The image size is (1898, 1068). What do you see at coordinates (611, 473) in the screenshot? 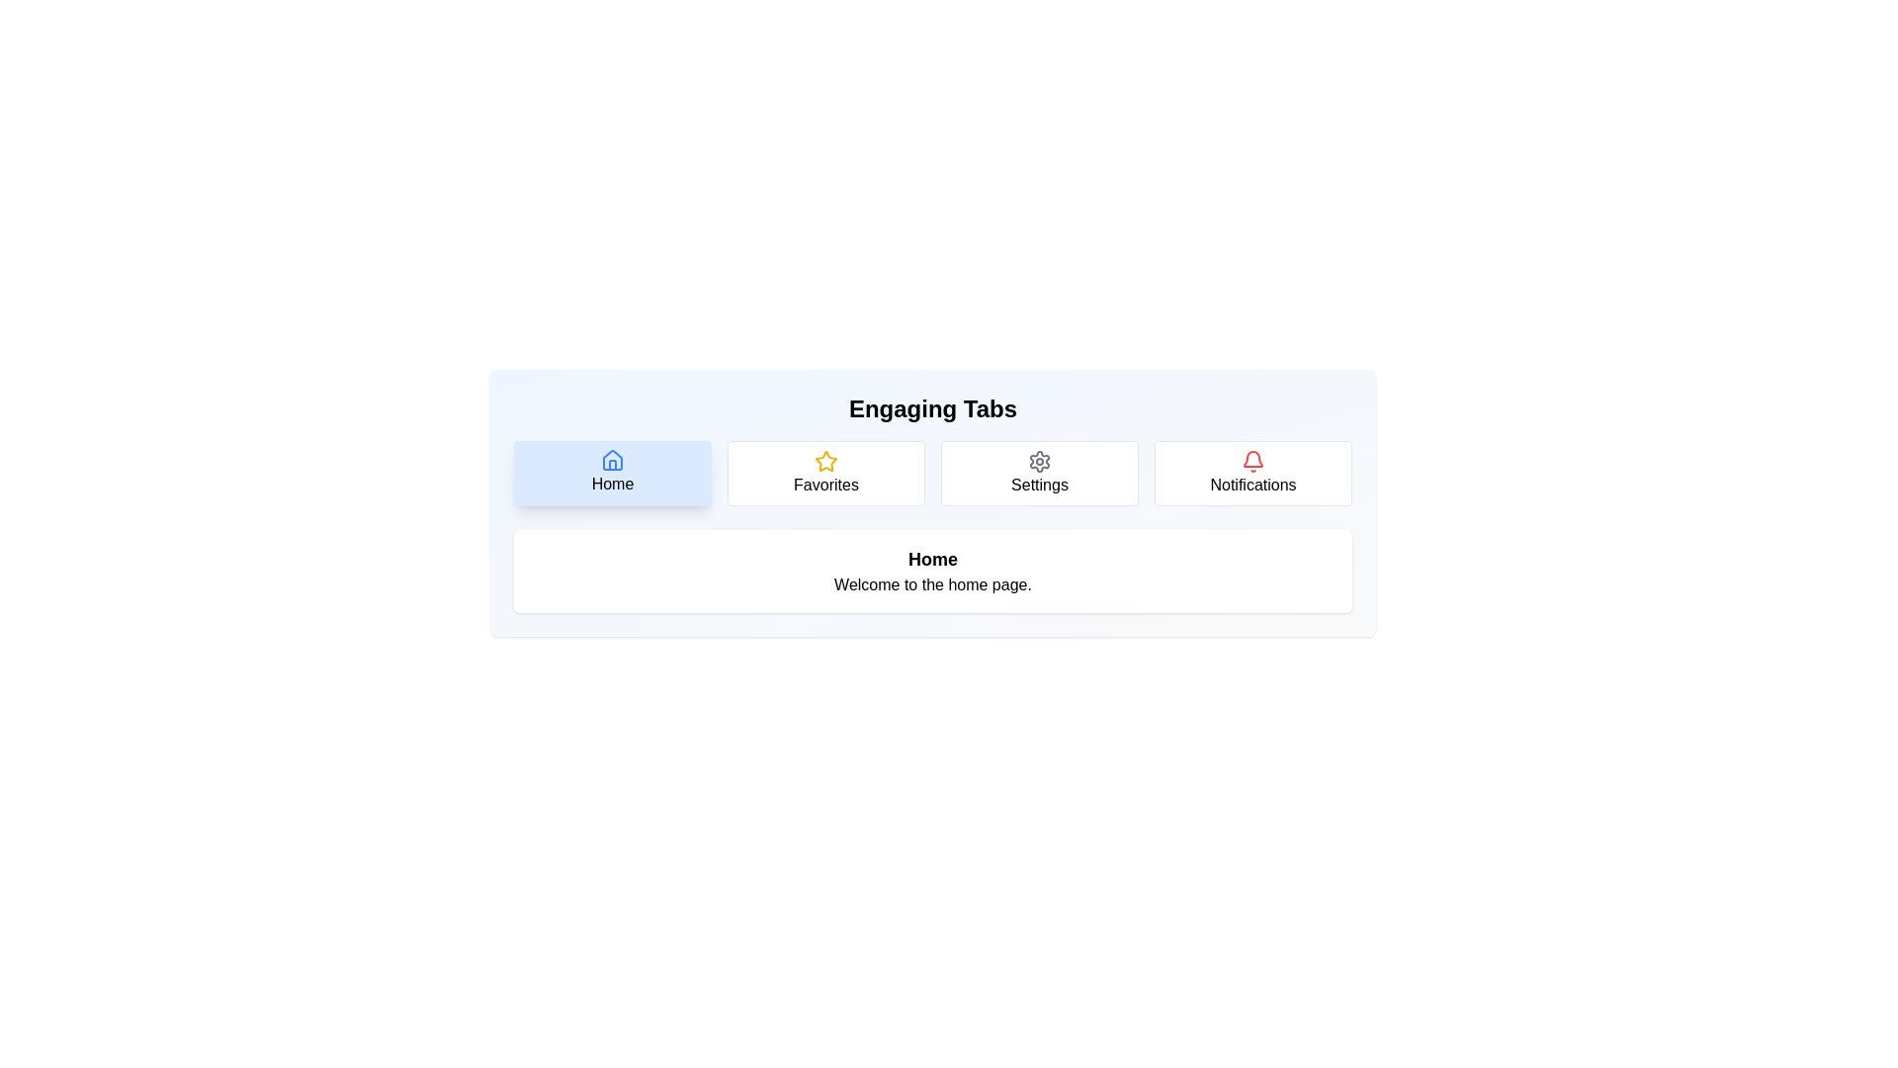
I see `the Home tab by clicking its button` at bounding box center [611, 473].